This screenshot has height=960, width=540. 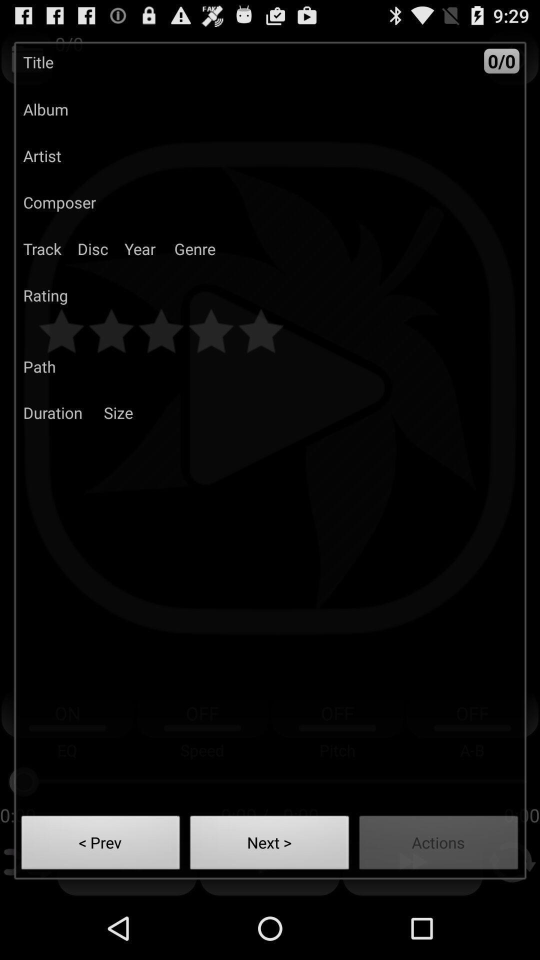 I want to click on item next to next >, so click(x=438, y=845).